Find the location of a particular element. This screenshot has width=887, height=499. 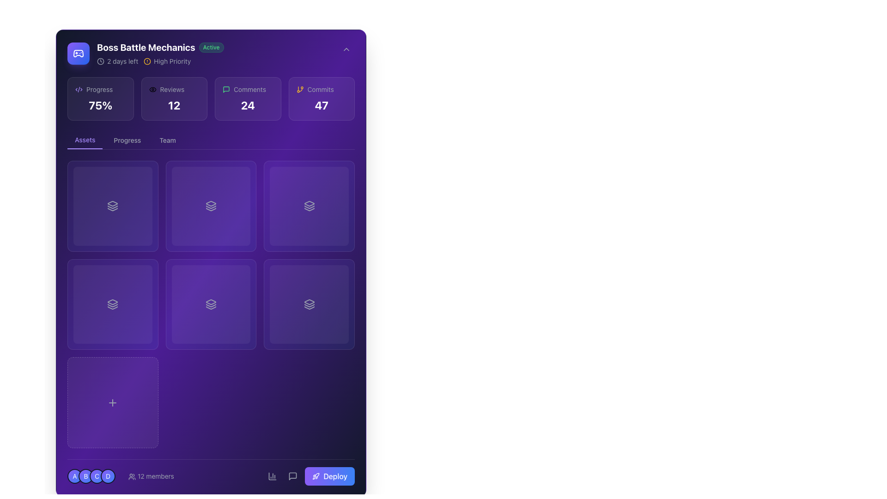

the details of the stack of layers icon located in the bottom-right corner of the 2x3 grid layout, which is the last tile in the grid is located at coordinates (309, 304).